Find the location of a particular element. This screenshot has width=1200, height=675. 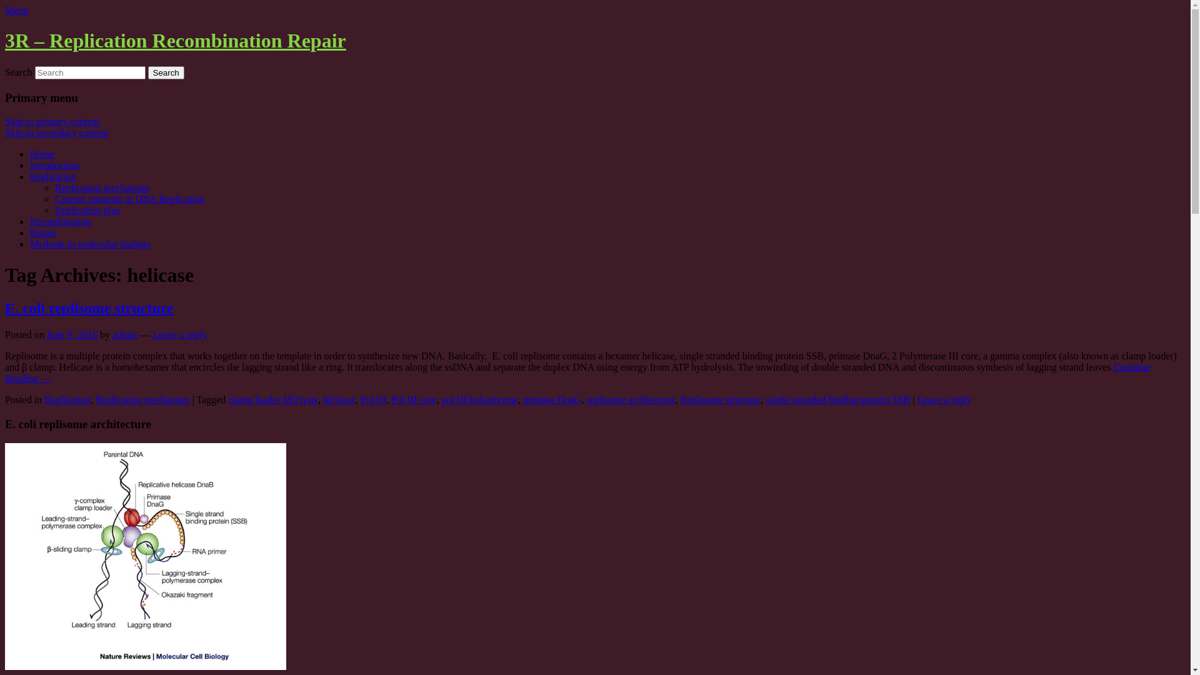

'Leave a reply' is located at coordinates (944, 399).